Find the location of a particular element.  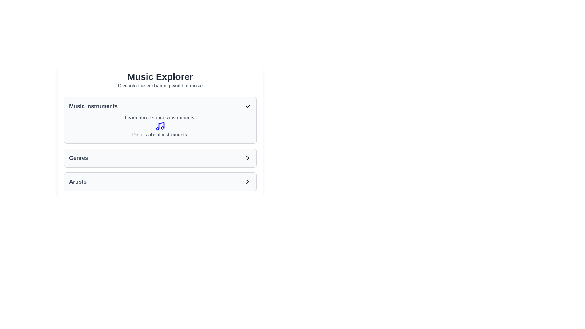

the music instruments summary card located in the middle section beneath the 'Music Explorer' heading, which is the first of three containers is located at coordinates (160, 120).